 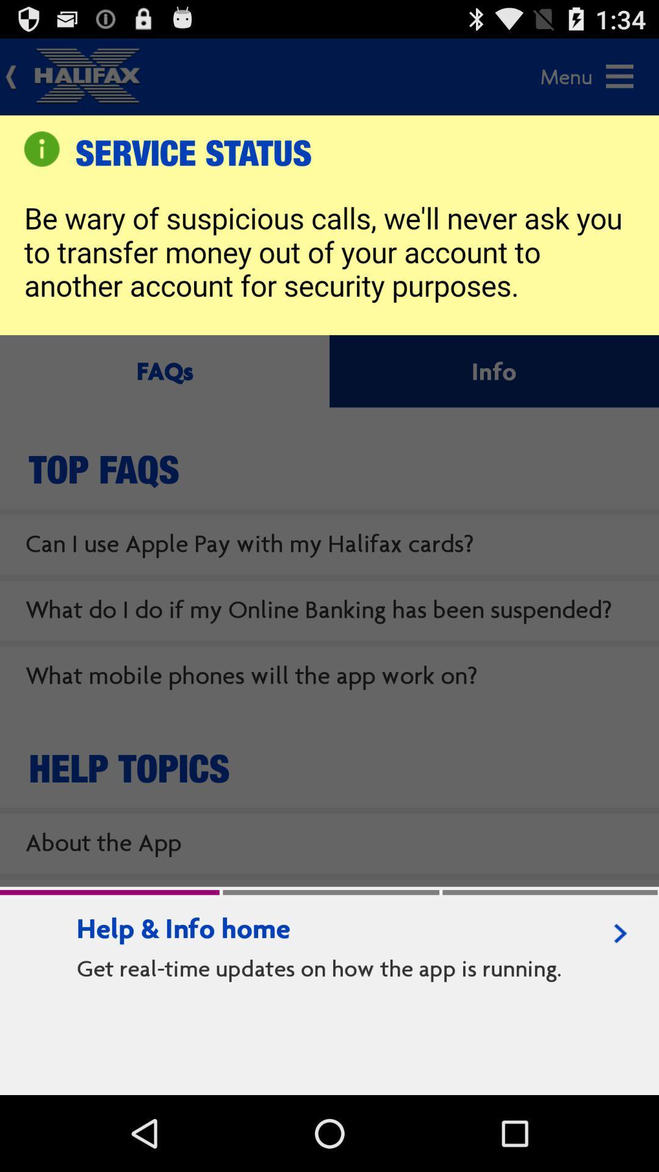 What do you see at coordinates (621, 999) in the screenshot?
I see `the arrow_forward icon` at bounding box center [621, 999].